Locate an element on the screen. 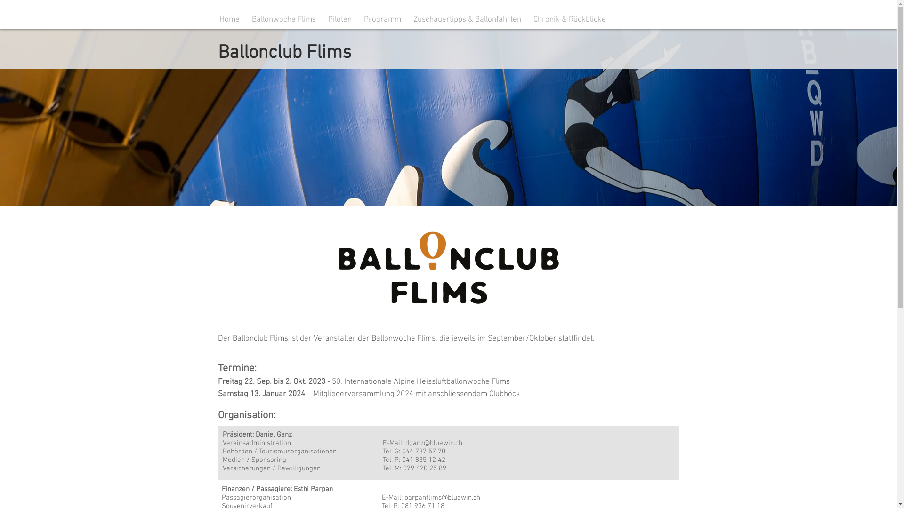 This screenshot has height=508, width=904. 'parpanflims@bluewin.ch' is located at coordinates (441, 497).